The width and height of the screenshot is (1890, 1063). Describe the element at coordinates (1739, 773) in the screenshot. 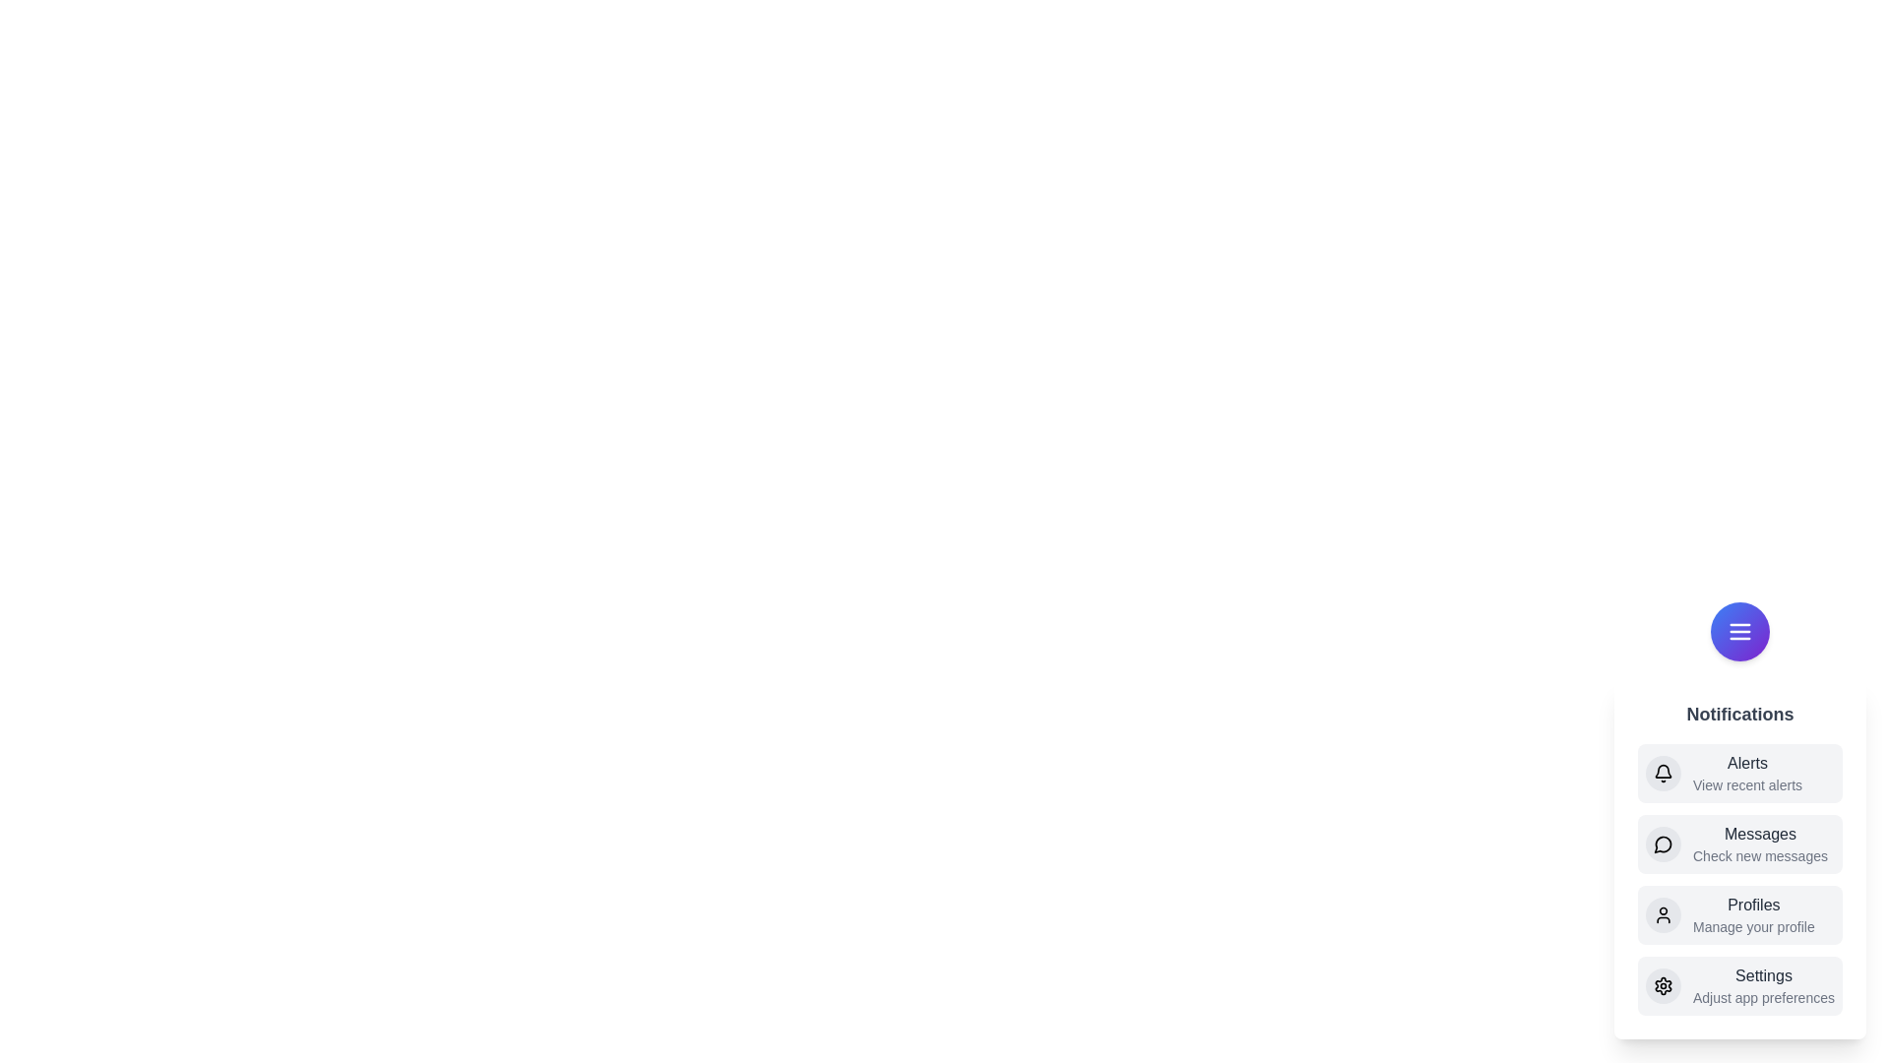

I see `the Alerts from the menu` at that location.